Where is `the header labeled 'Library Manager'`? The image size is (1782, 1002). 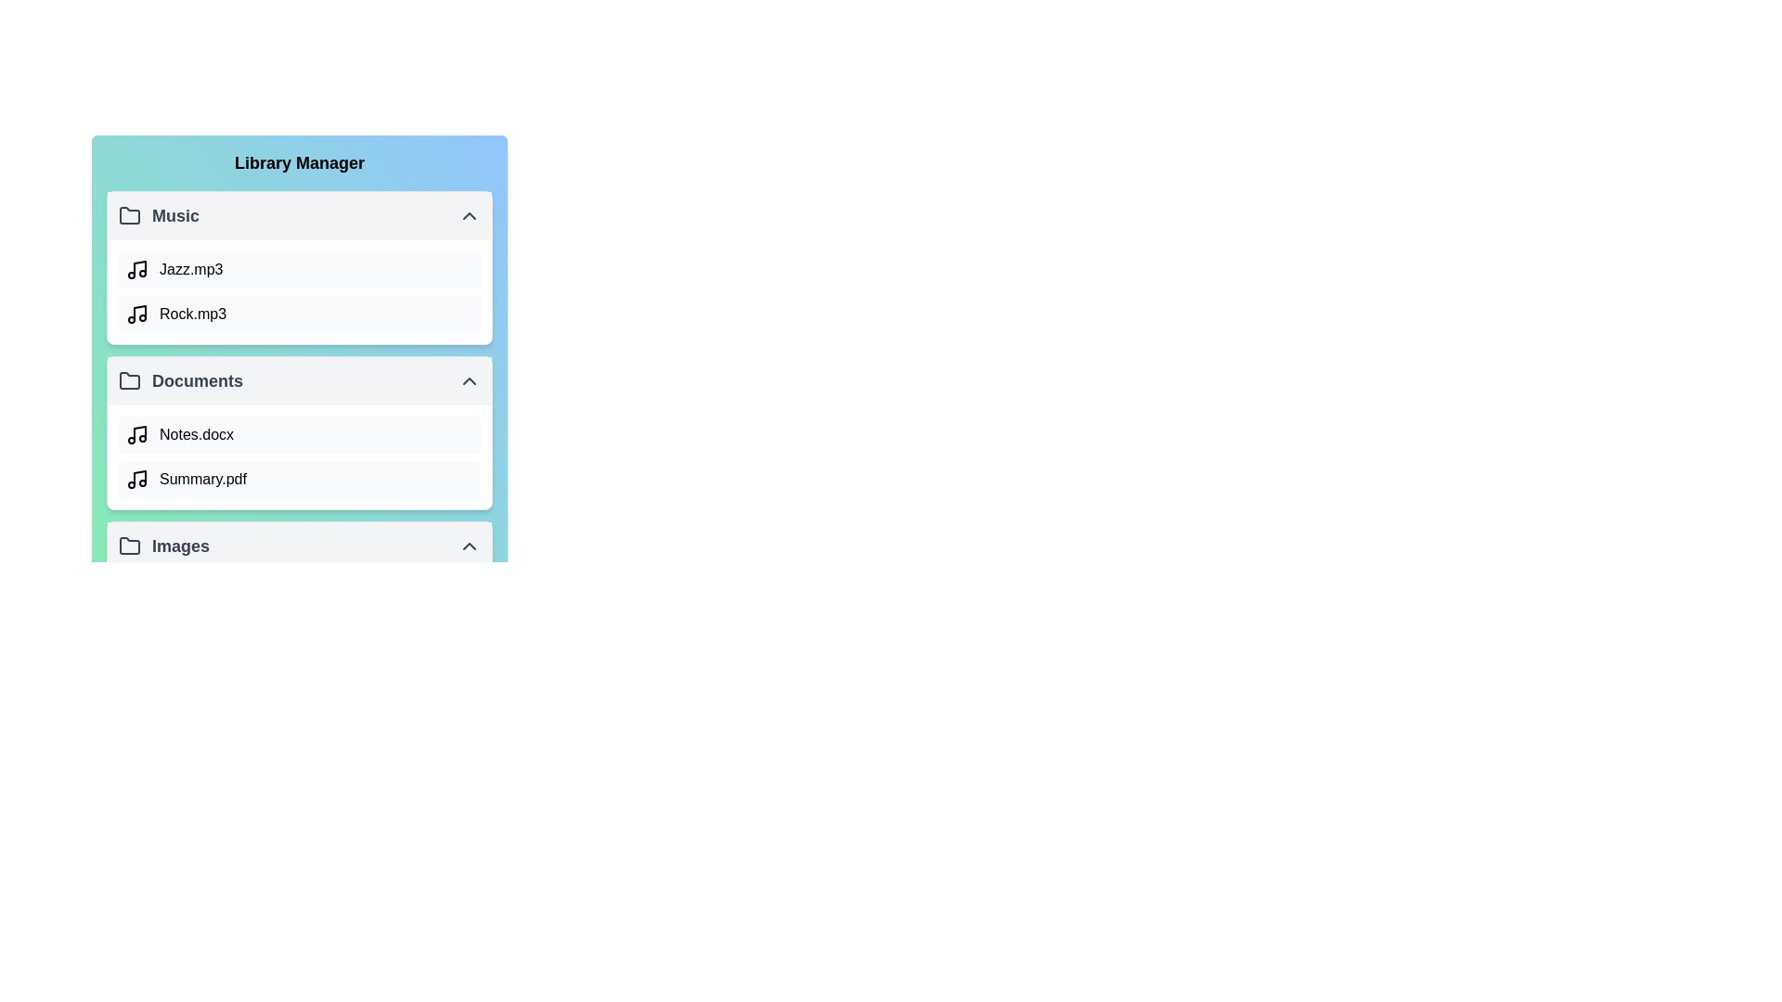 the header labeled 'Library Manager' is located at coordinates (299, 162).